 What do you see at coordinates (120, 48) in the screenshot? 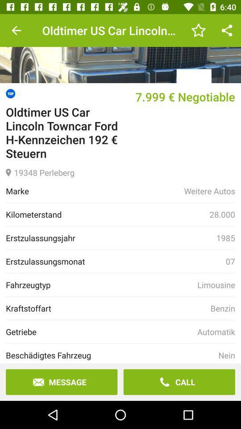
I see `main menu` at bounding box center [120, 48].